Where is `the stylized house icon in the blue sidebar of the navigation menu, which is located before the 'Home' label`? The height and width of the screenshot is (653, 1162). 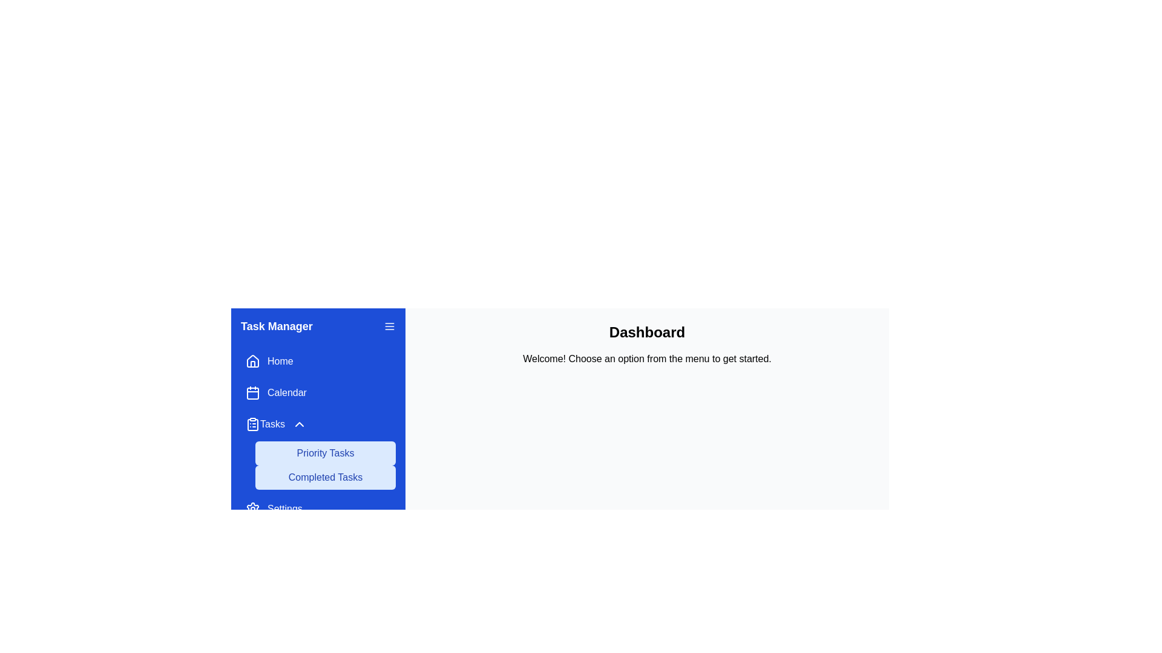
the stylized house icon in the blue sidebar of the navigation menu, which is located before the 'Home' label is located at coordinates (252, 360).